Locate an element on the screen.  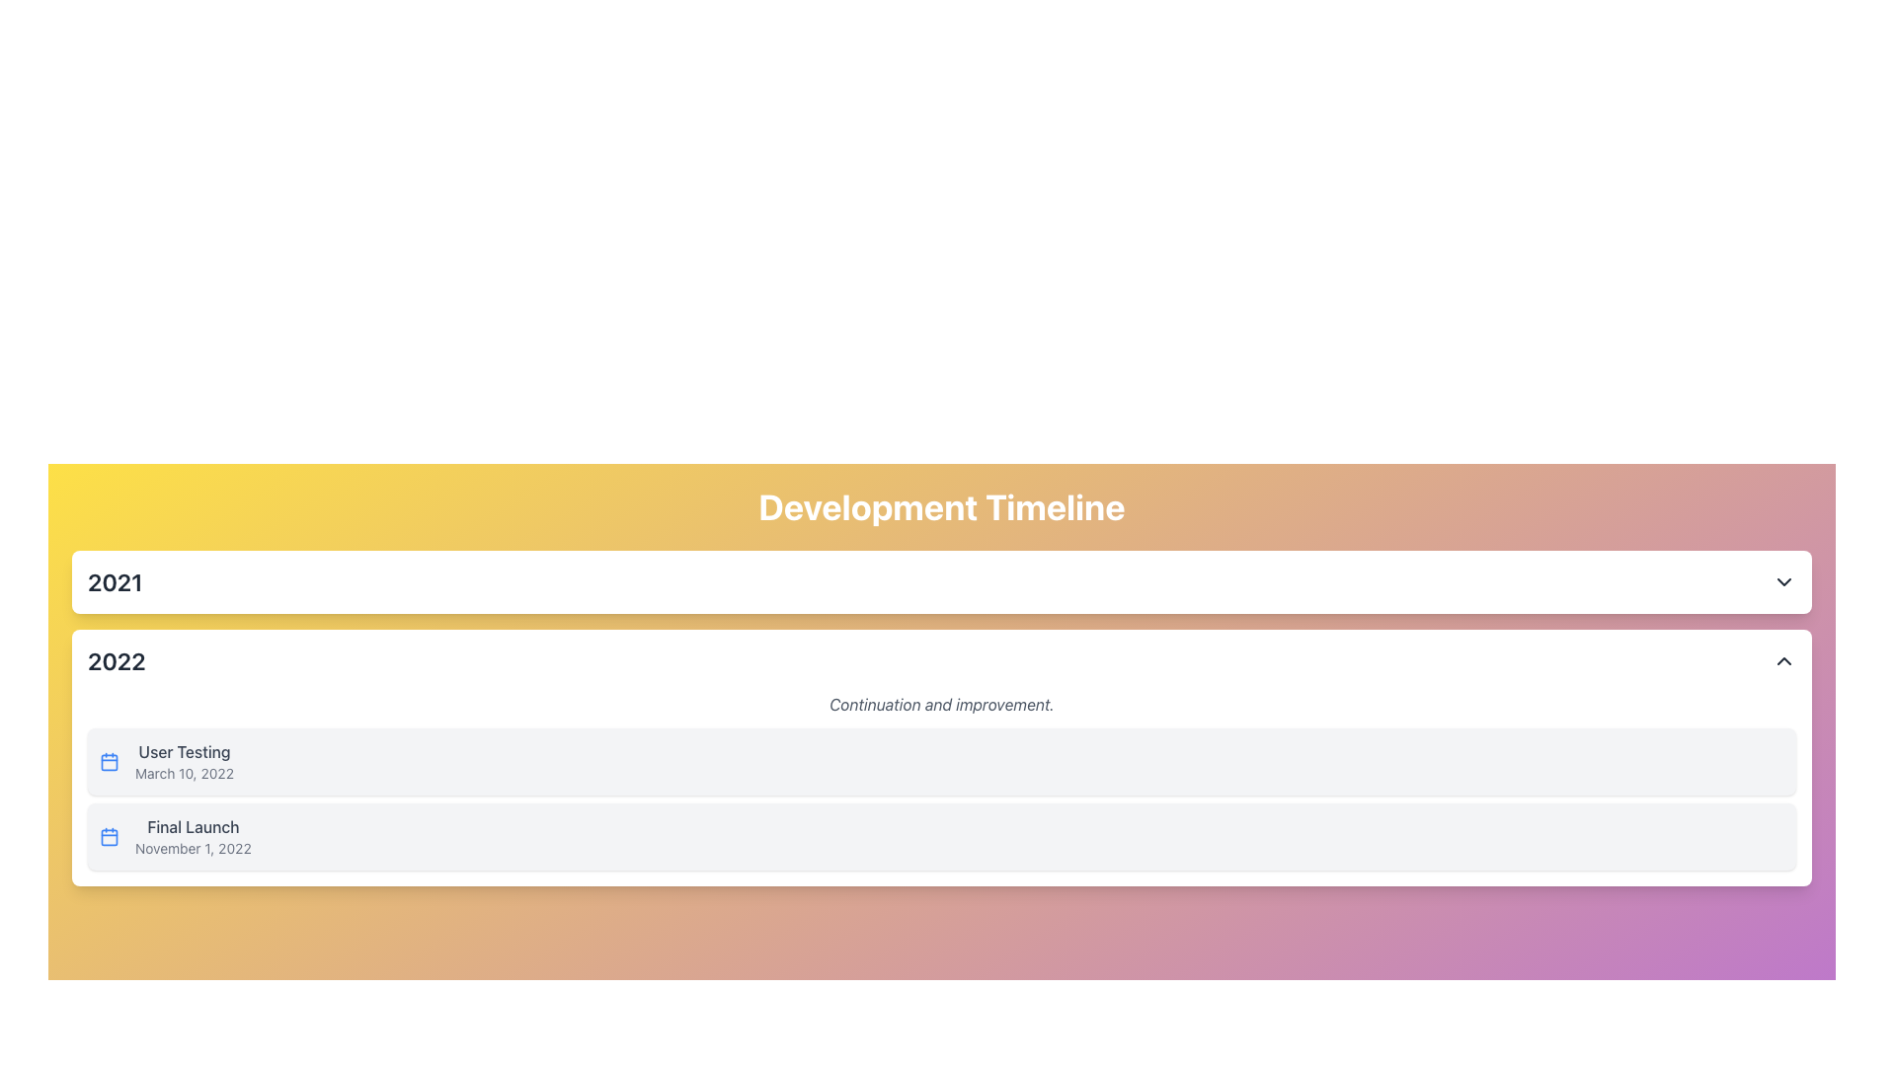
the text label displaying 'March 10, 2022', which is located beneath the 'User Testing' header in the timeline section is located at coordinates (185, 772).